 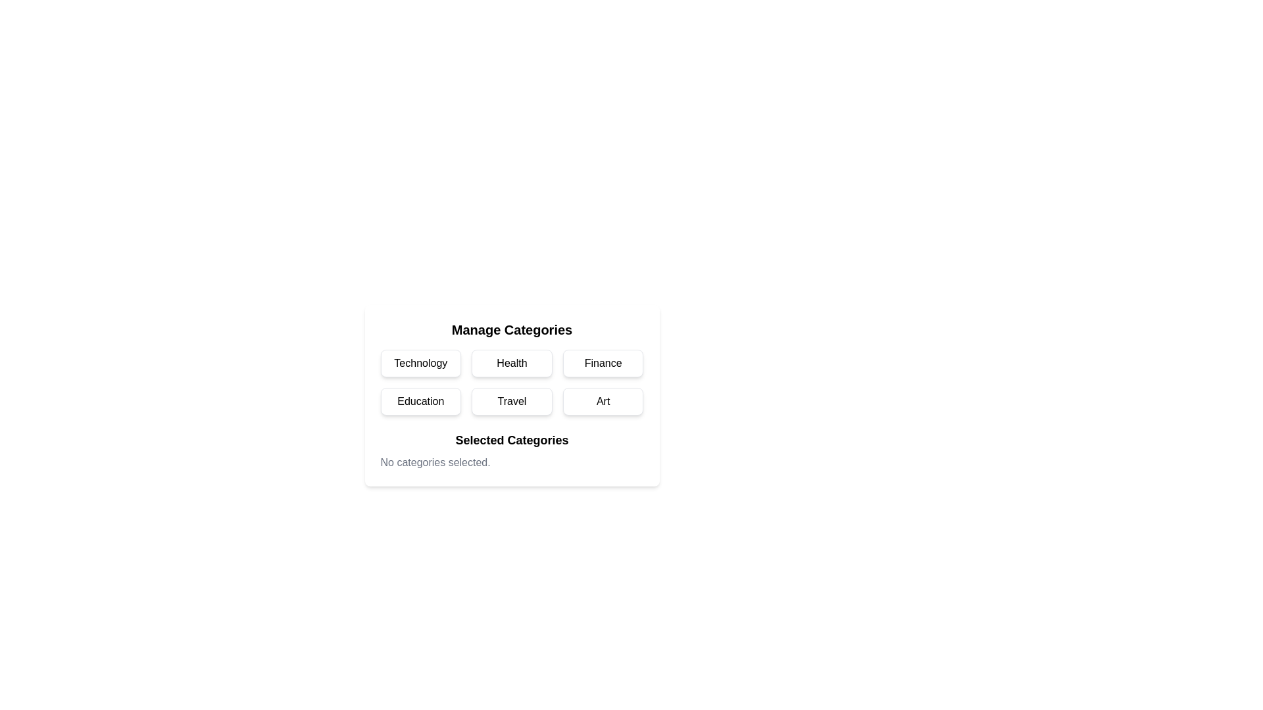 What do you see at coordinates (511, 450) in the screenshot?
I see `text displayed in the Text display component that shows 'Selected Categories' and 'No categories selected.'` at bounding box center [511, 450].